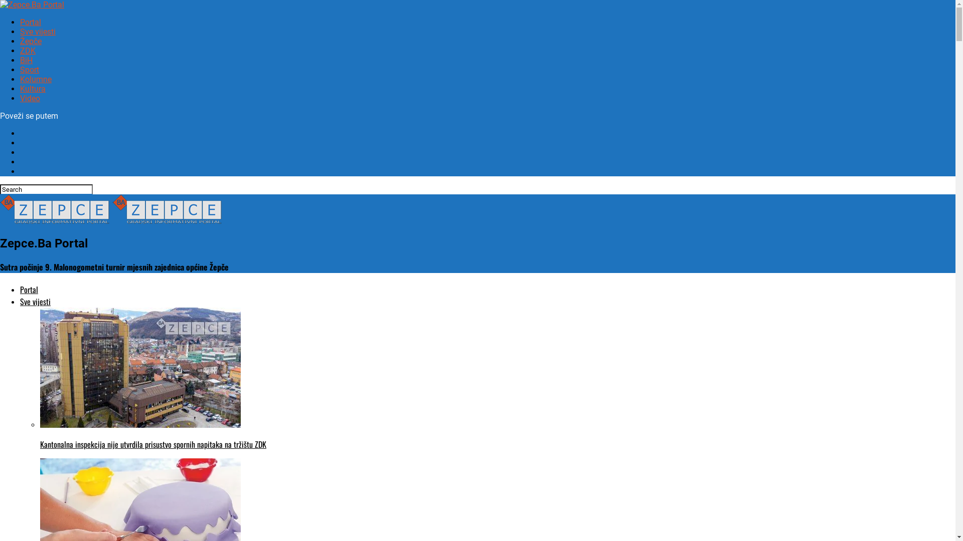  What do you see at coordinates (28, 51) in the screenshot?
I see `'ZDK'` at bounding box center [28, 51].